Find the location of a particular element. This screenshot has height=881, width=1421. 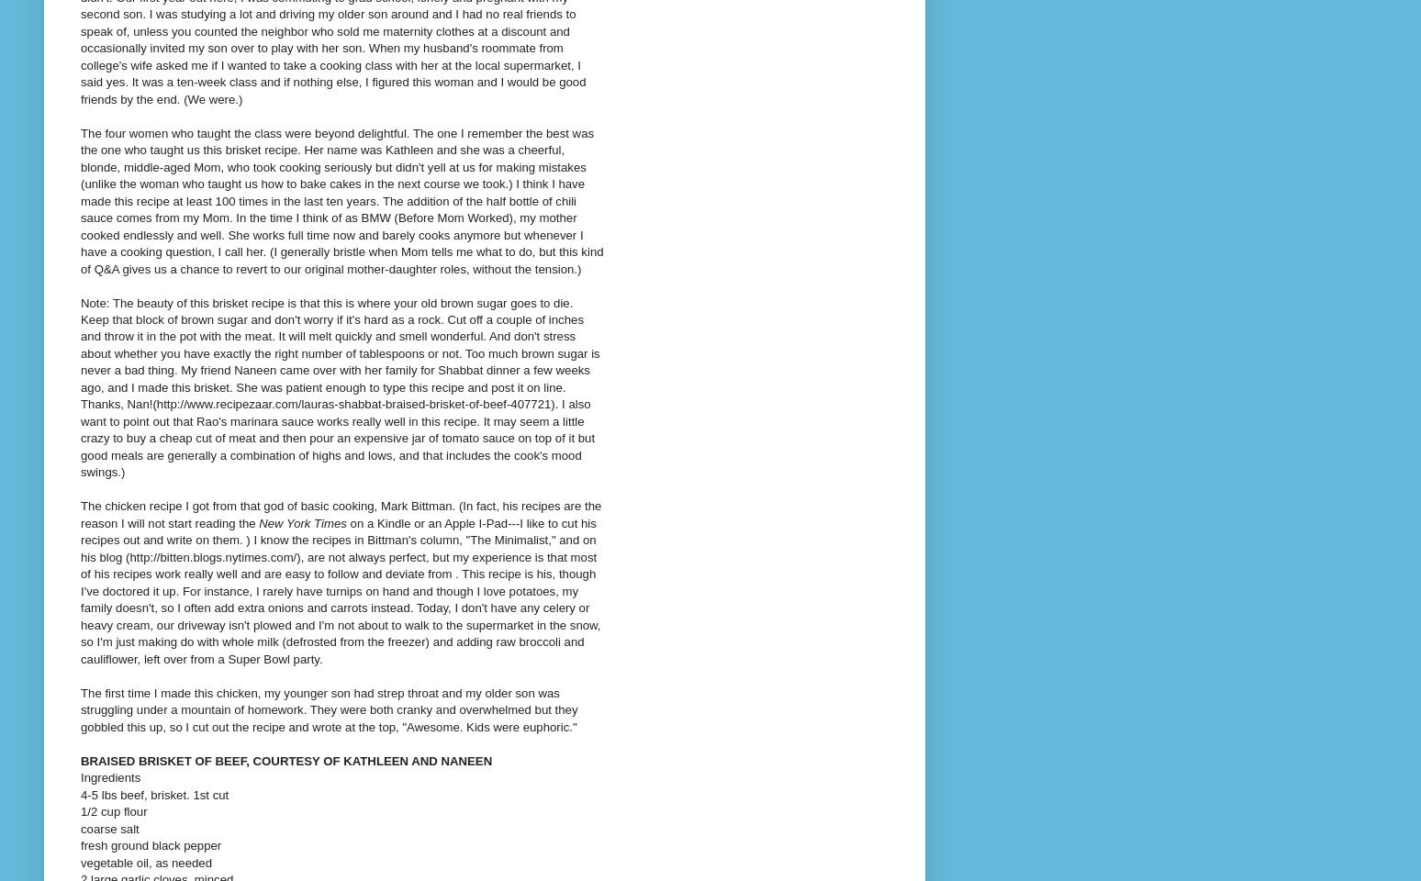

'The chicken recipe I got from that god of basic cooking, Mark Bittman. (In fact, his recipes are the reason I will not start reading the' is located at coordinates (341, 514).